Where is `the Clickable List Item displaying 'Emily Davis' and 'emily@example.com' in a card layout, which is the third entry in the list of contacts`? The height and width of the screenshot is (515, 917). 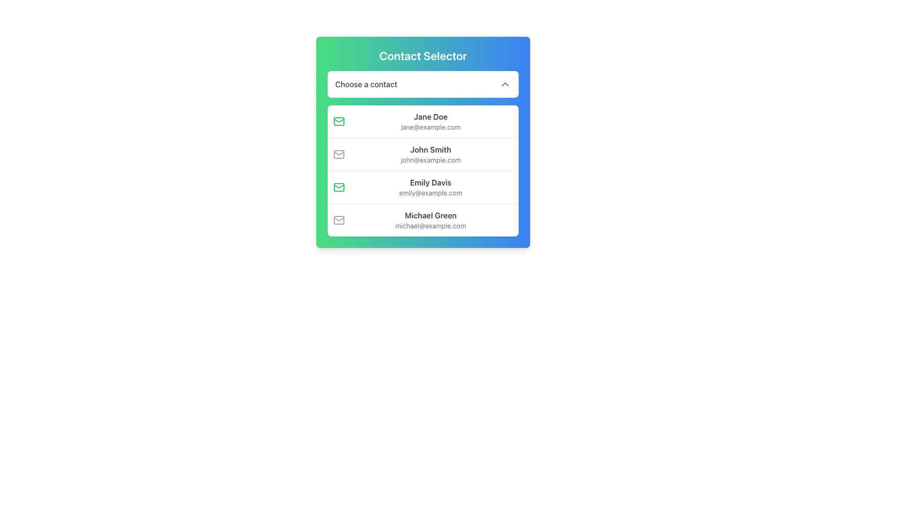
the Clickable List Item displaying 'Emily Davis' and 'emily@example.com' in a card layout, which is the third entry in the list of contacts is located at coordinates (423, 187).